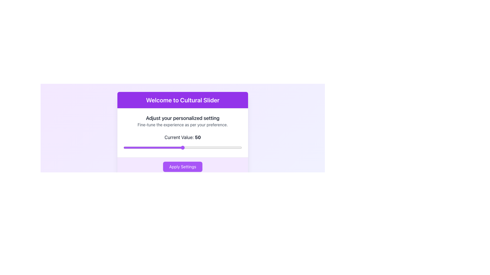 This screenshot has width=490, height=275. Describe the element at coordinates (153, 147) in the screenshot. I see `the slider` at that location.